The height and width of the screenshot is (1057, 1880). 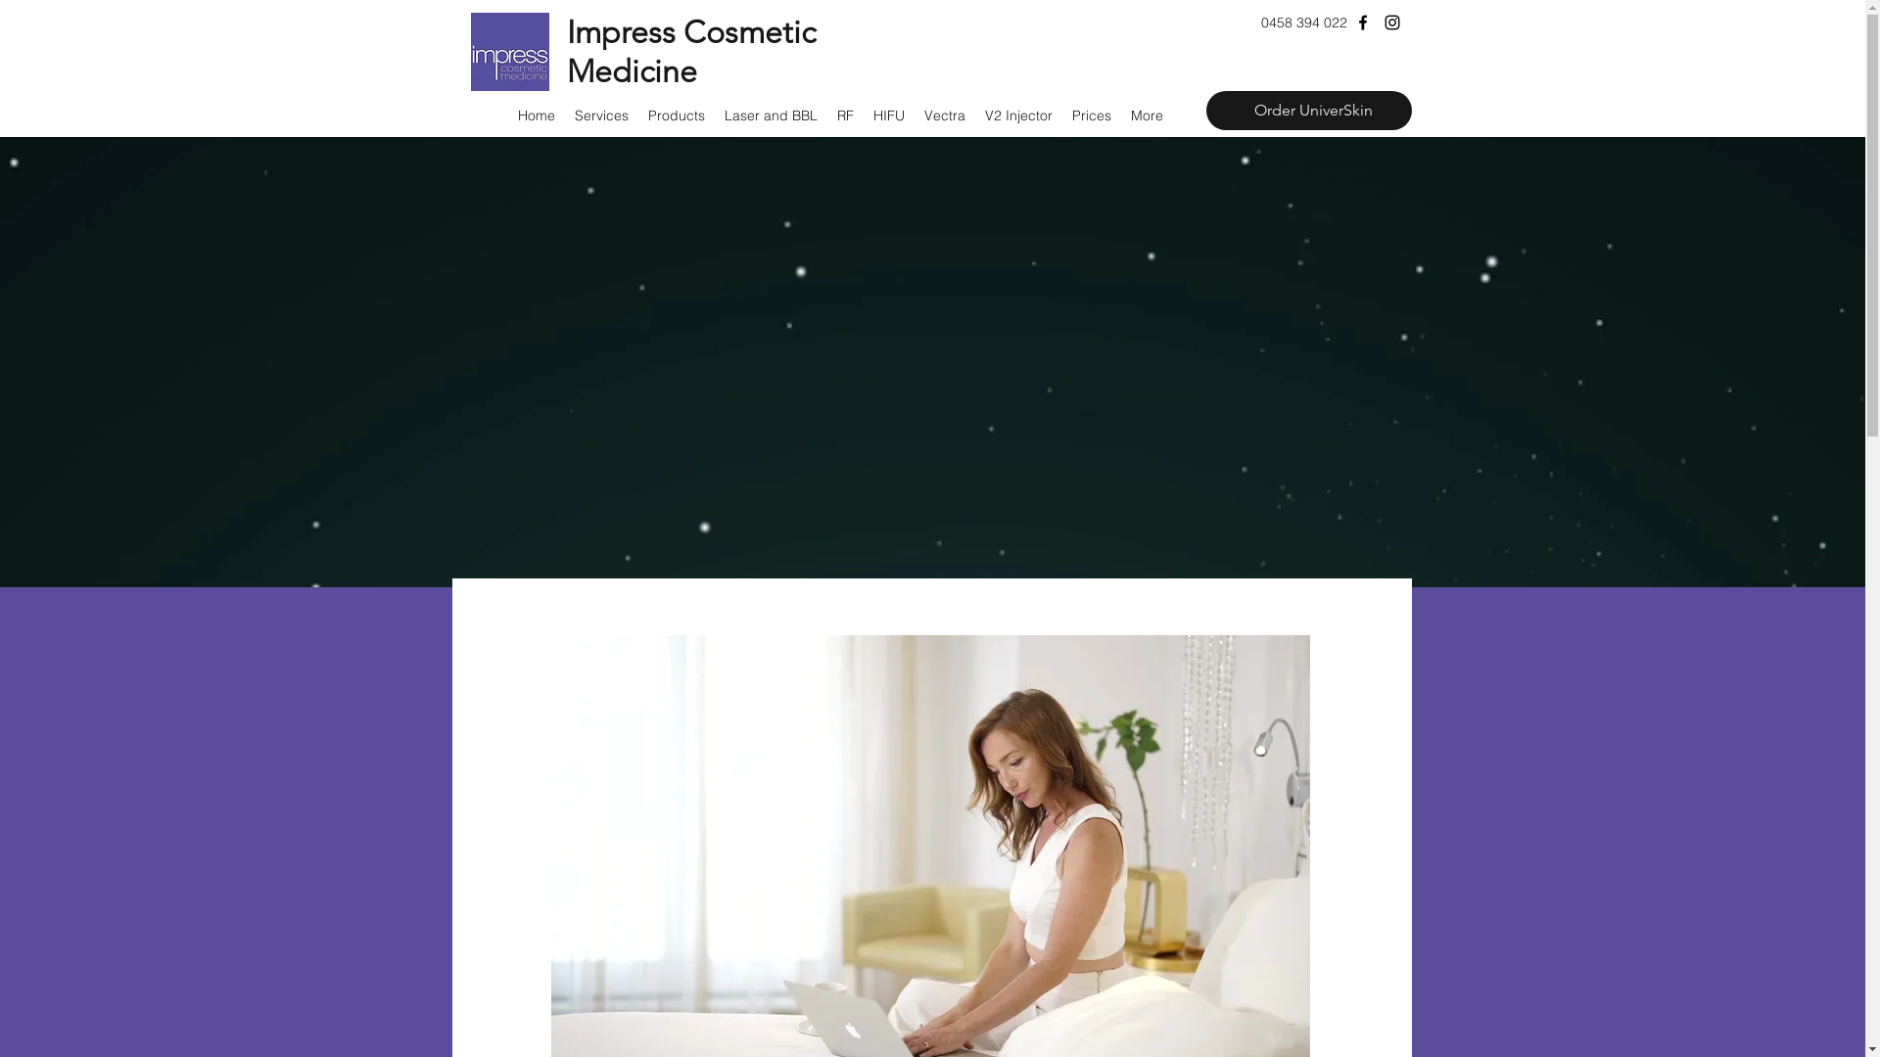 What do you see at coordinates (1089, 115) in the screenshot?
I see `'Prices'` at bounding box center [1089, 115].